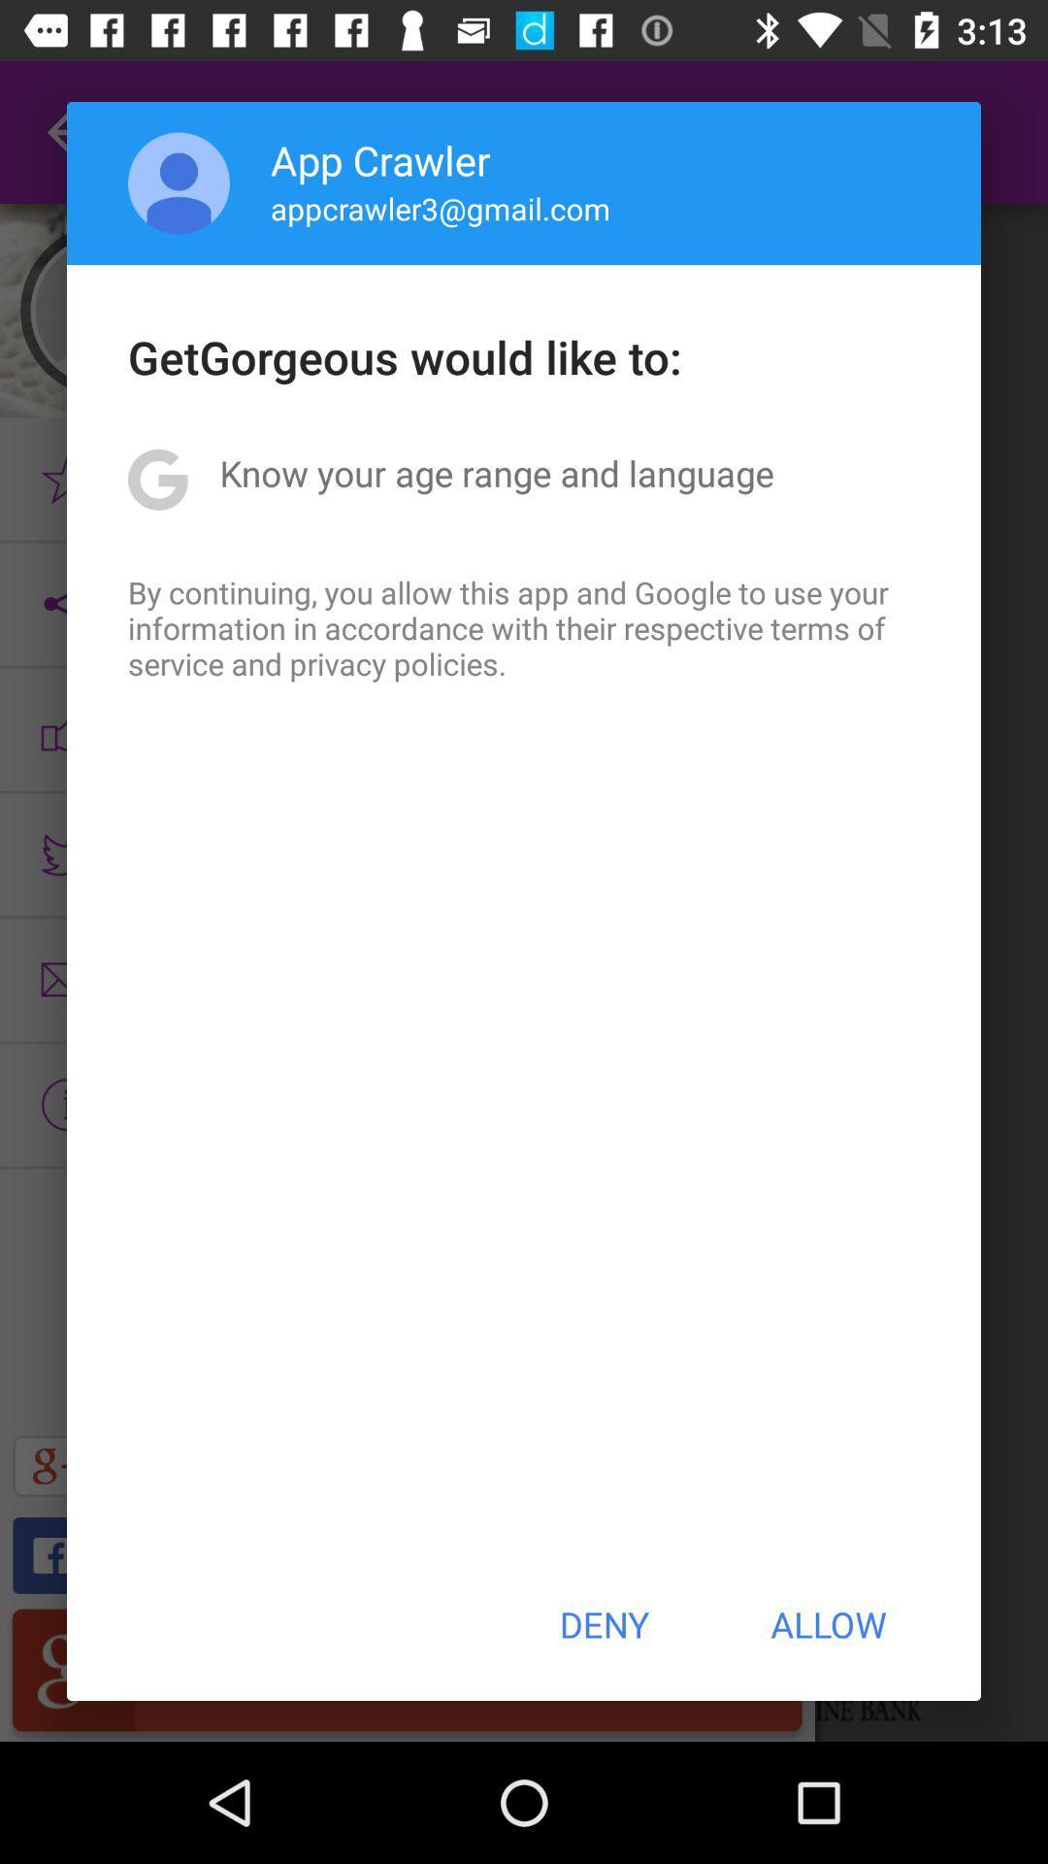  Describe the element at coordinates (603, 1624) in the screenshot. I see `icon at the bottom` at that location.